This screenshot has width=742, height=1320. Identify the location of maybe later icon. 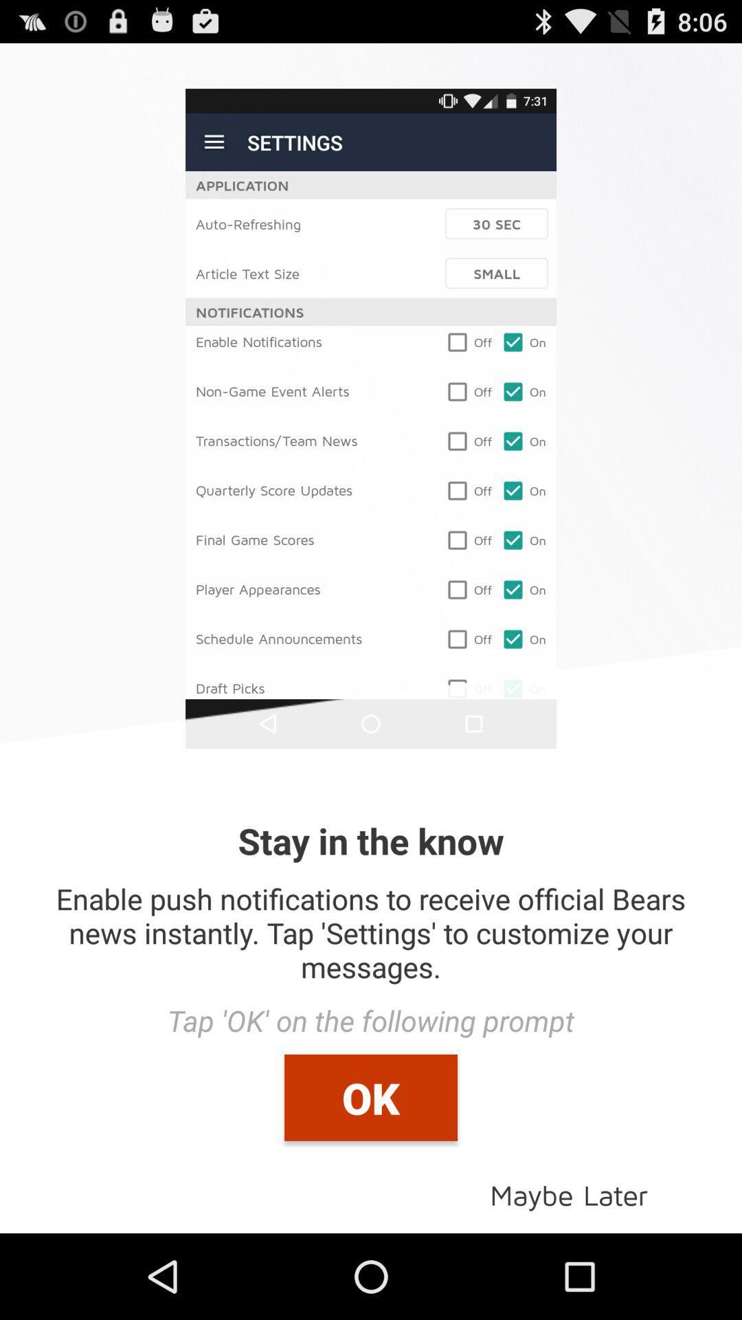
(569, 1193).